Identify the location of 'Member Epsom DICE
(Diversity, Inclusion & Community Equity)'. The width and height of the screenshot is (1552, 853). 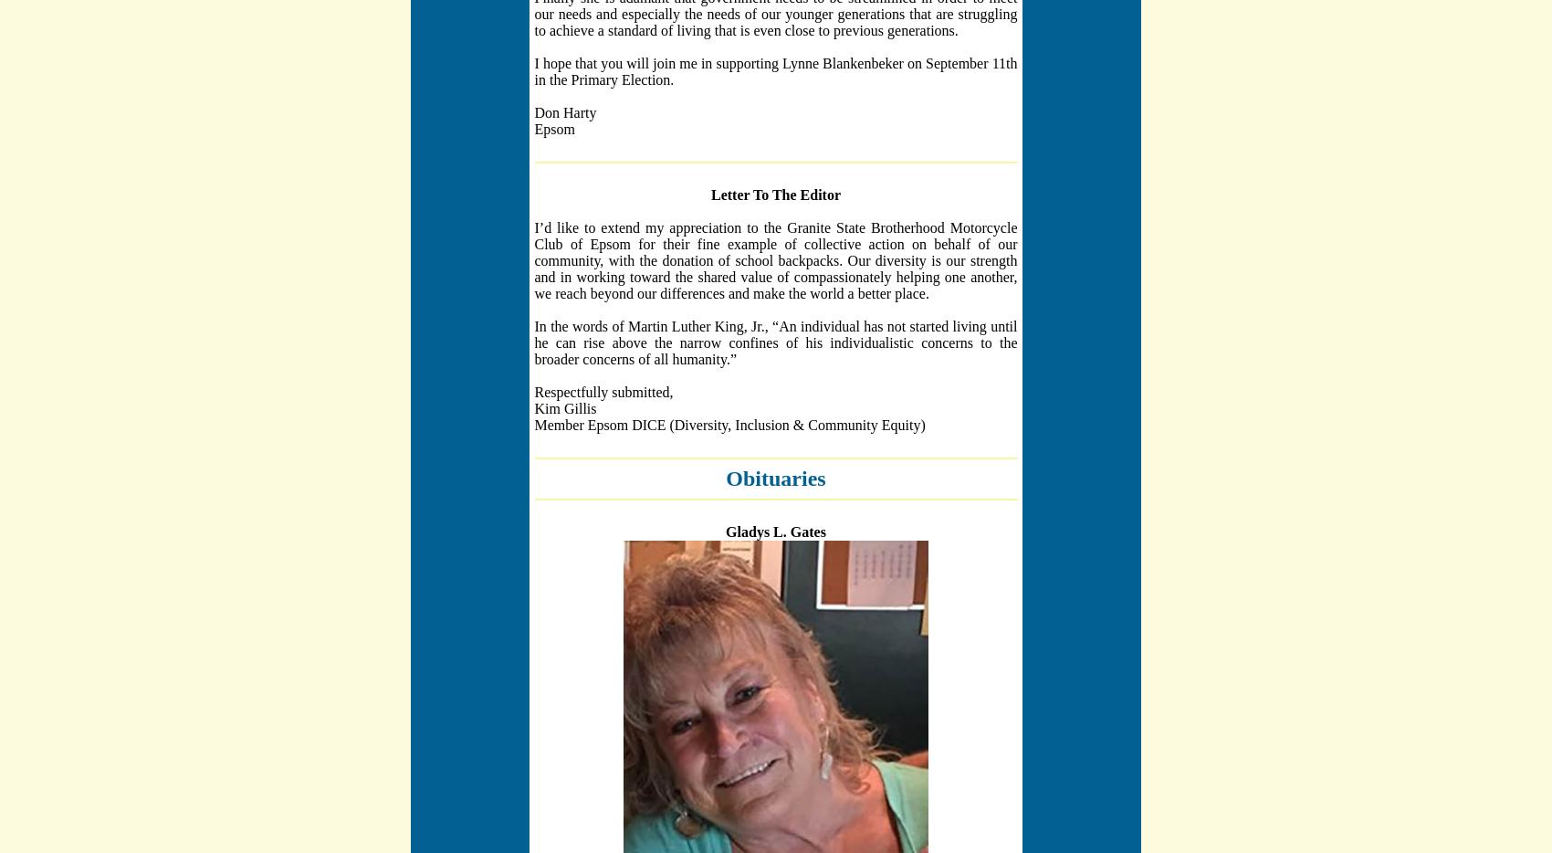
(729, 424).